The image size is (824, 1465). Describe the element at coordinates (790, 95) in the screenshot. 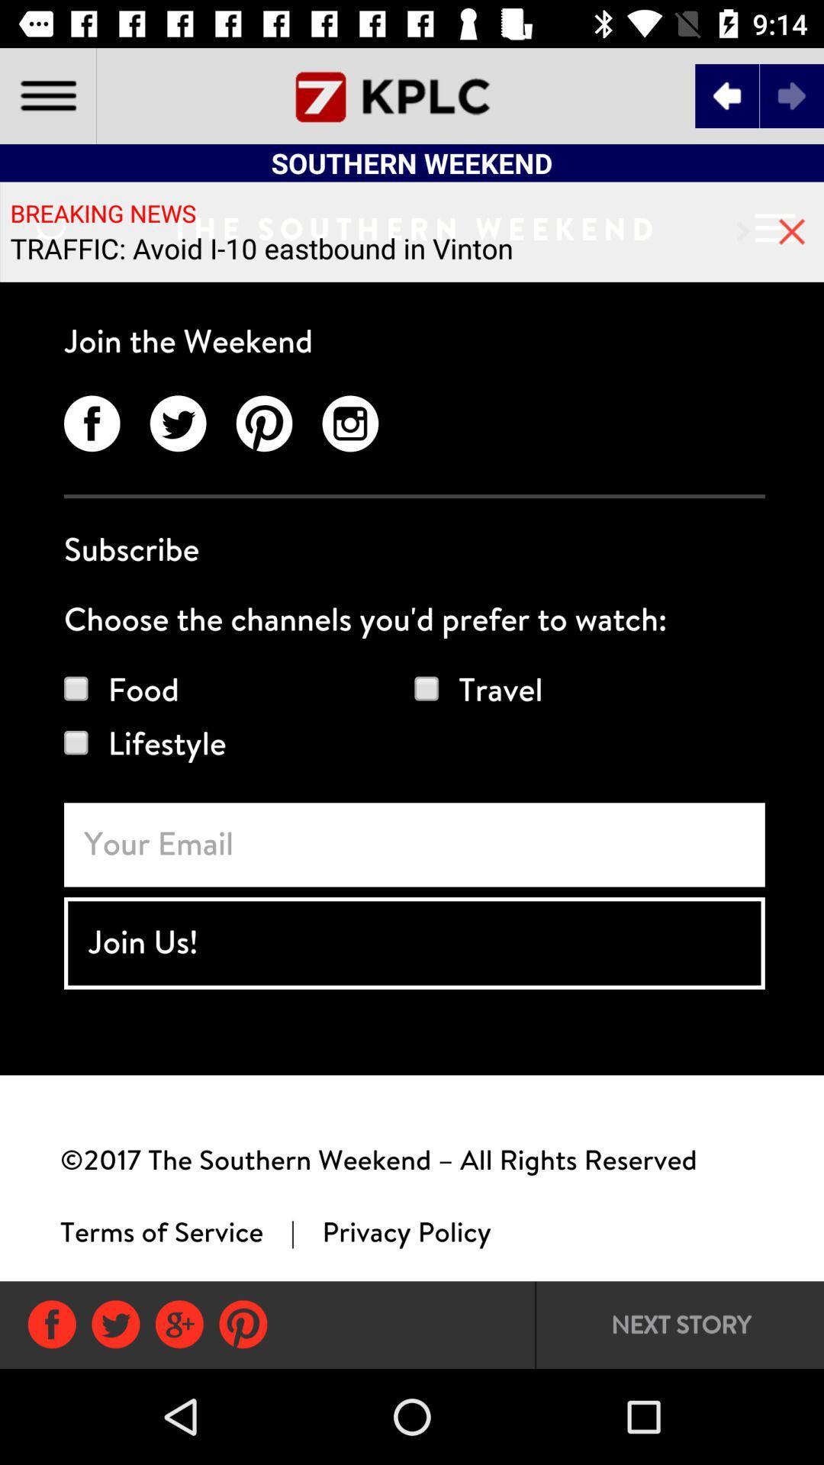

I see `the arrow_forward icon` at that location.